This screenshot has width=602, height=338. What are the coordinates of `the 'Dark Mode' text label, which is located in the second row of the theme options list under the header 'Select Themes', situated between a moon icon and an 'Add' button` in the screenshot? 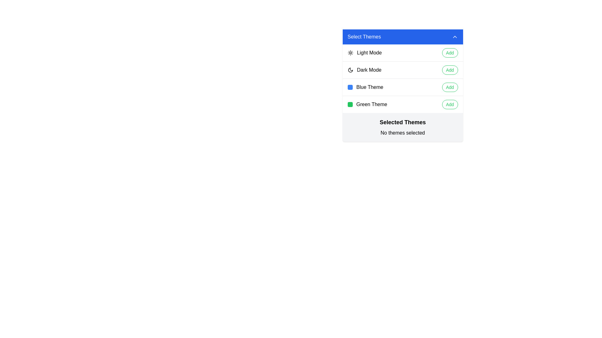 It's located at (369, 70).